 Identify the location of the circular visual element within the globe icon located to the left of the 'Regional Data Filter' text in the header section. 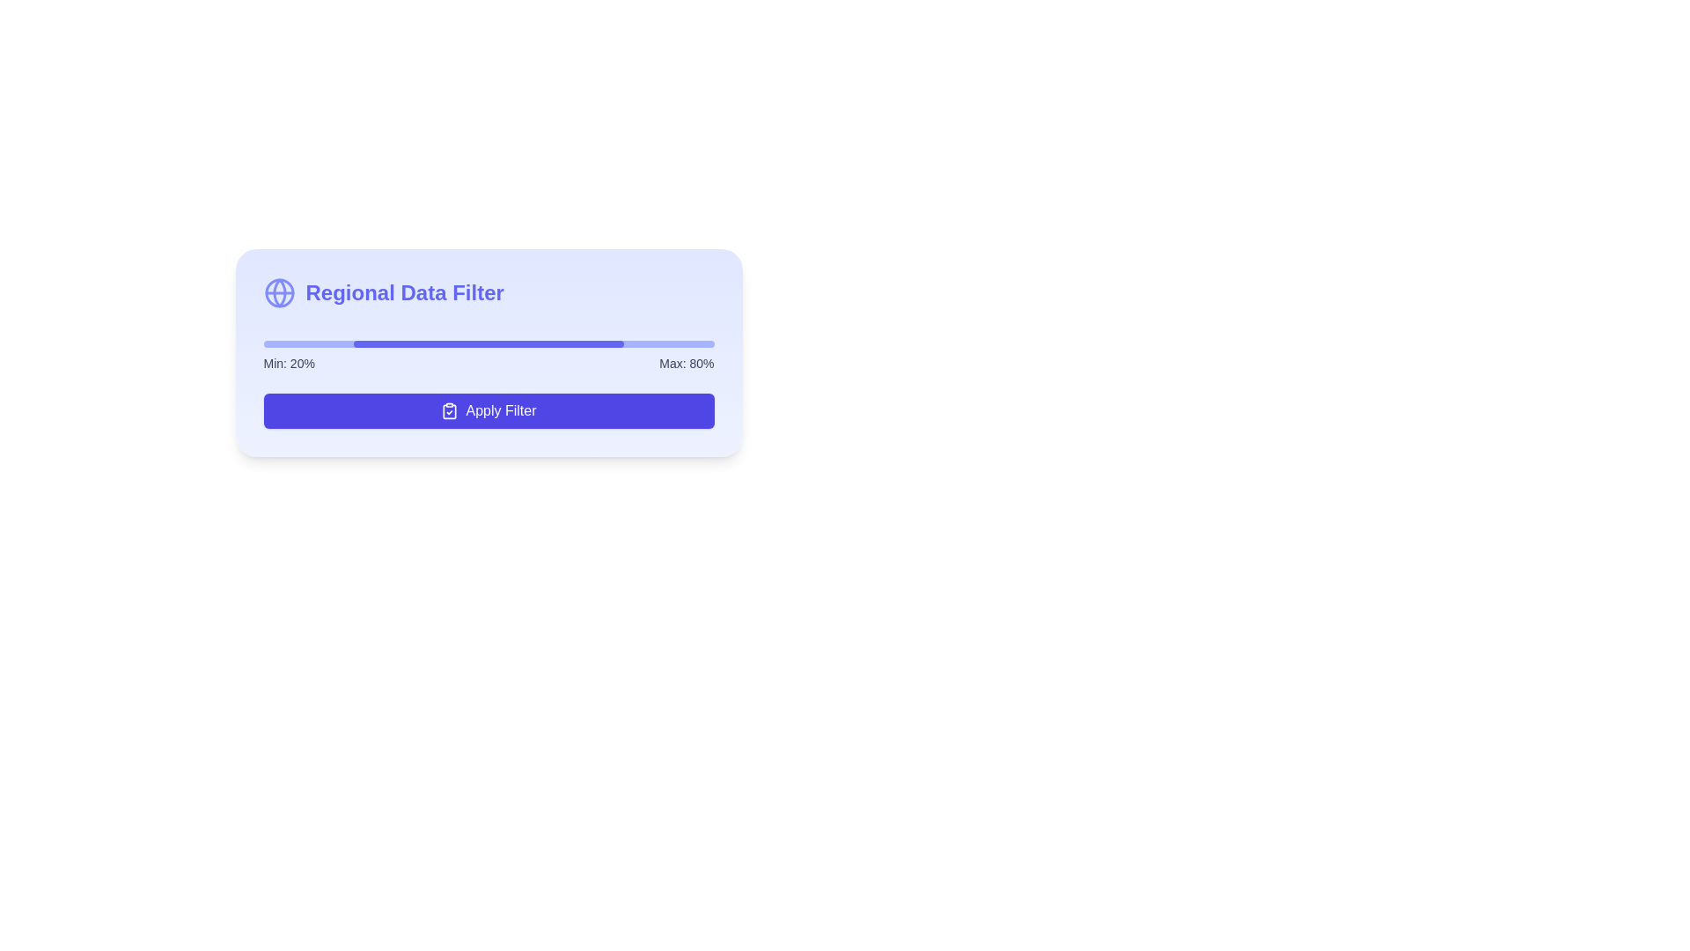
(278, 291).